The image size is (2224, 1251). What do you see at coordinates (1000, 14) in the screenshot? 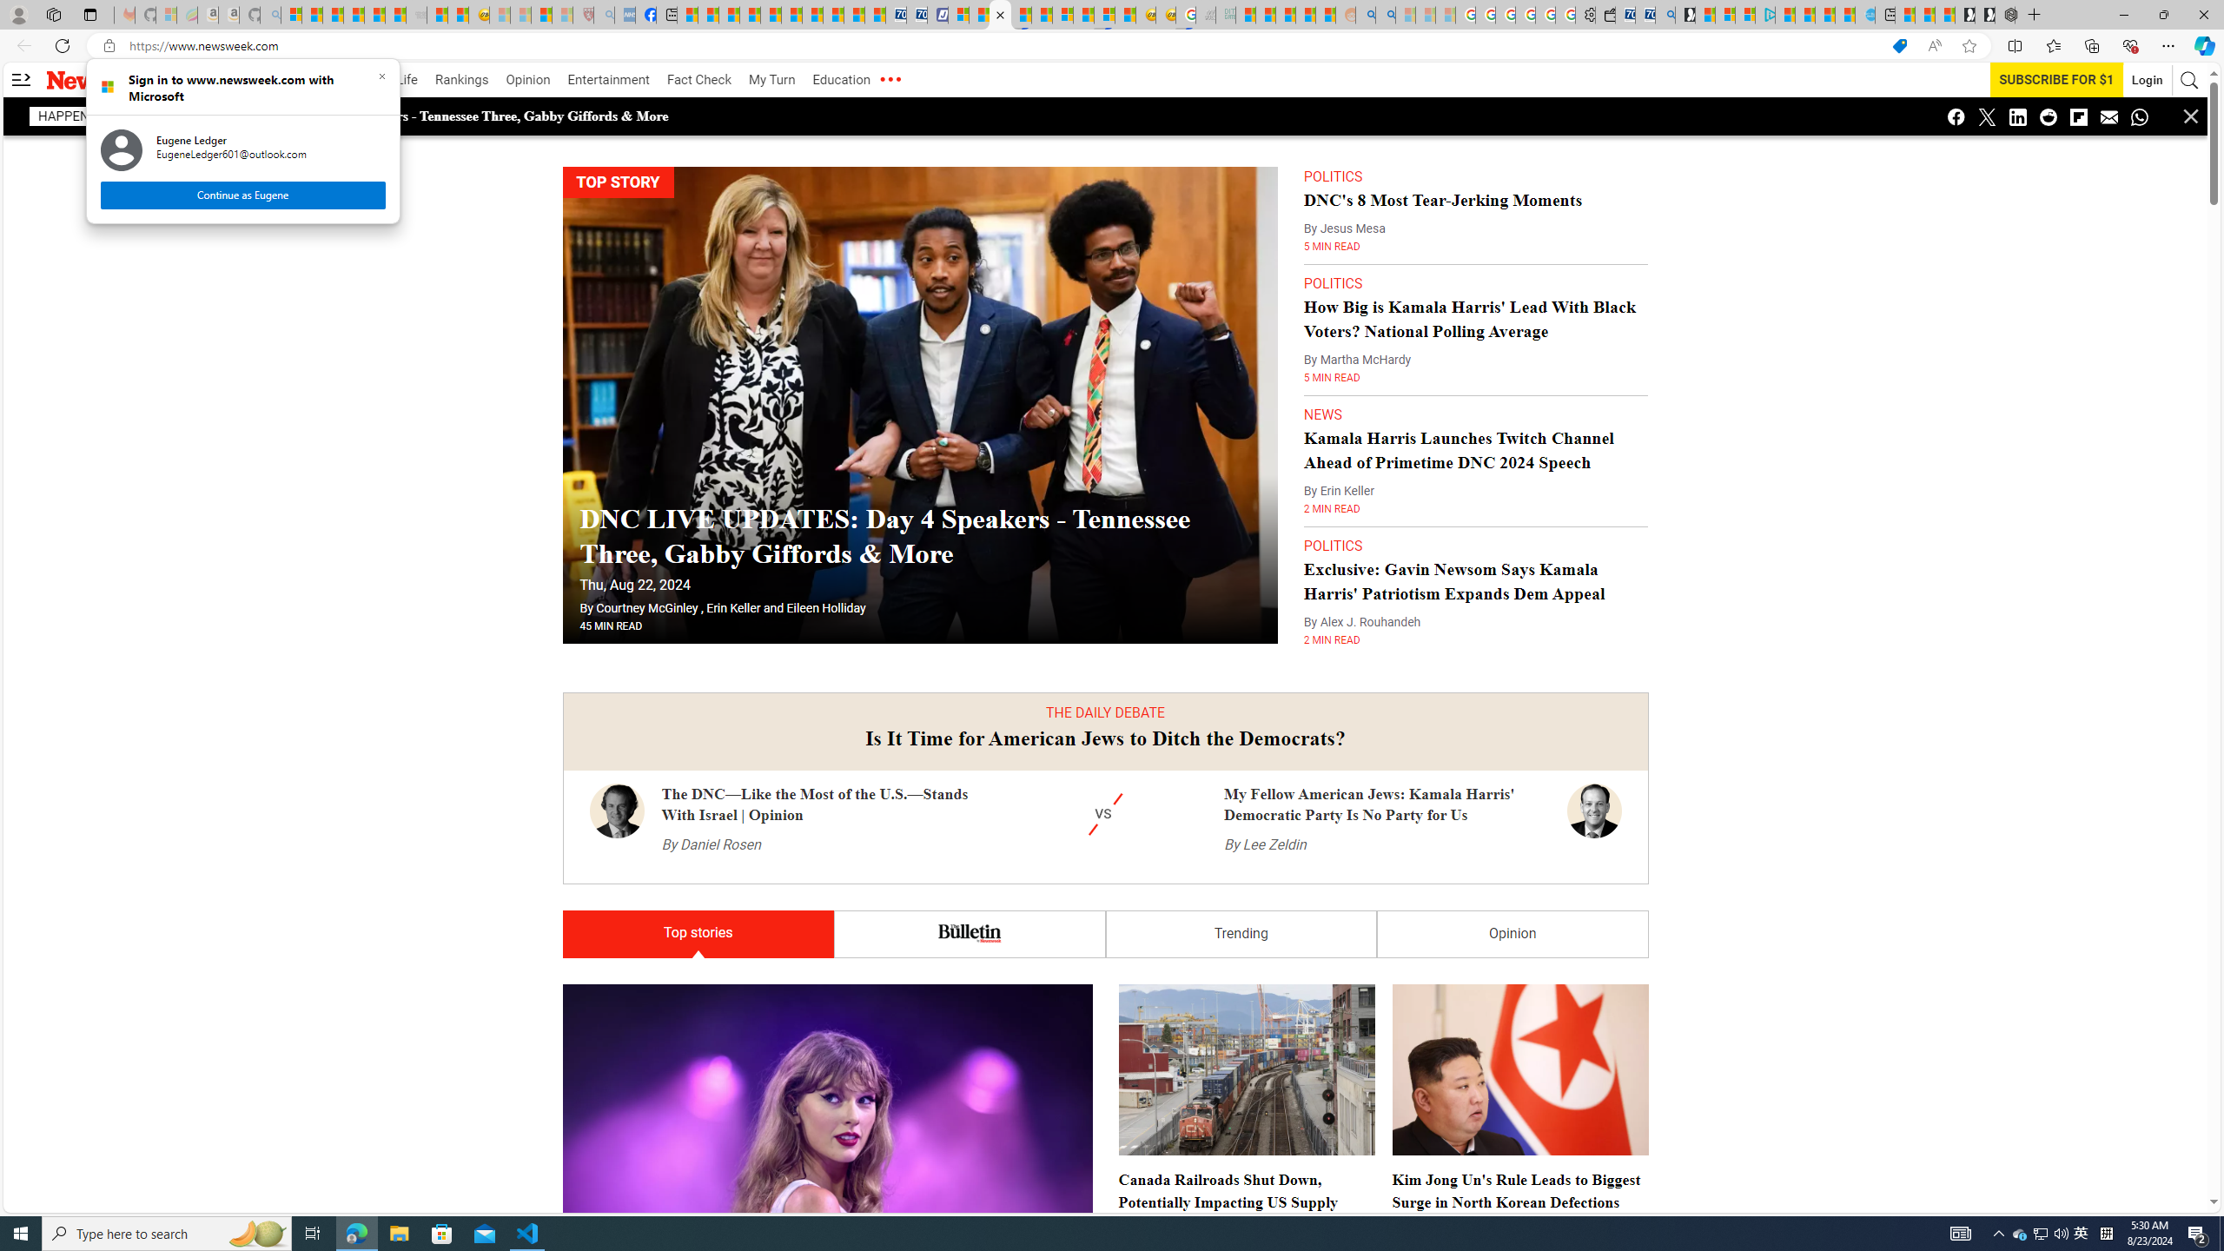
I see `'Newsweek - News, Analysis, Politics, Business, Technology'` at bounding box center [1000, 14].